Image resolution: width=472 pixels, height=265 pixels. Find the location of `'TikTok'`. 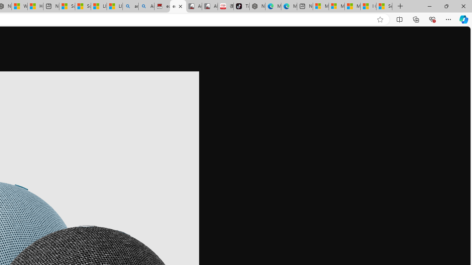

'TikTok' is located at coordinates (241, 6).